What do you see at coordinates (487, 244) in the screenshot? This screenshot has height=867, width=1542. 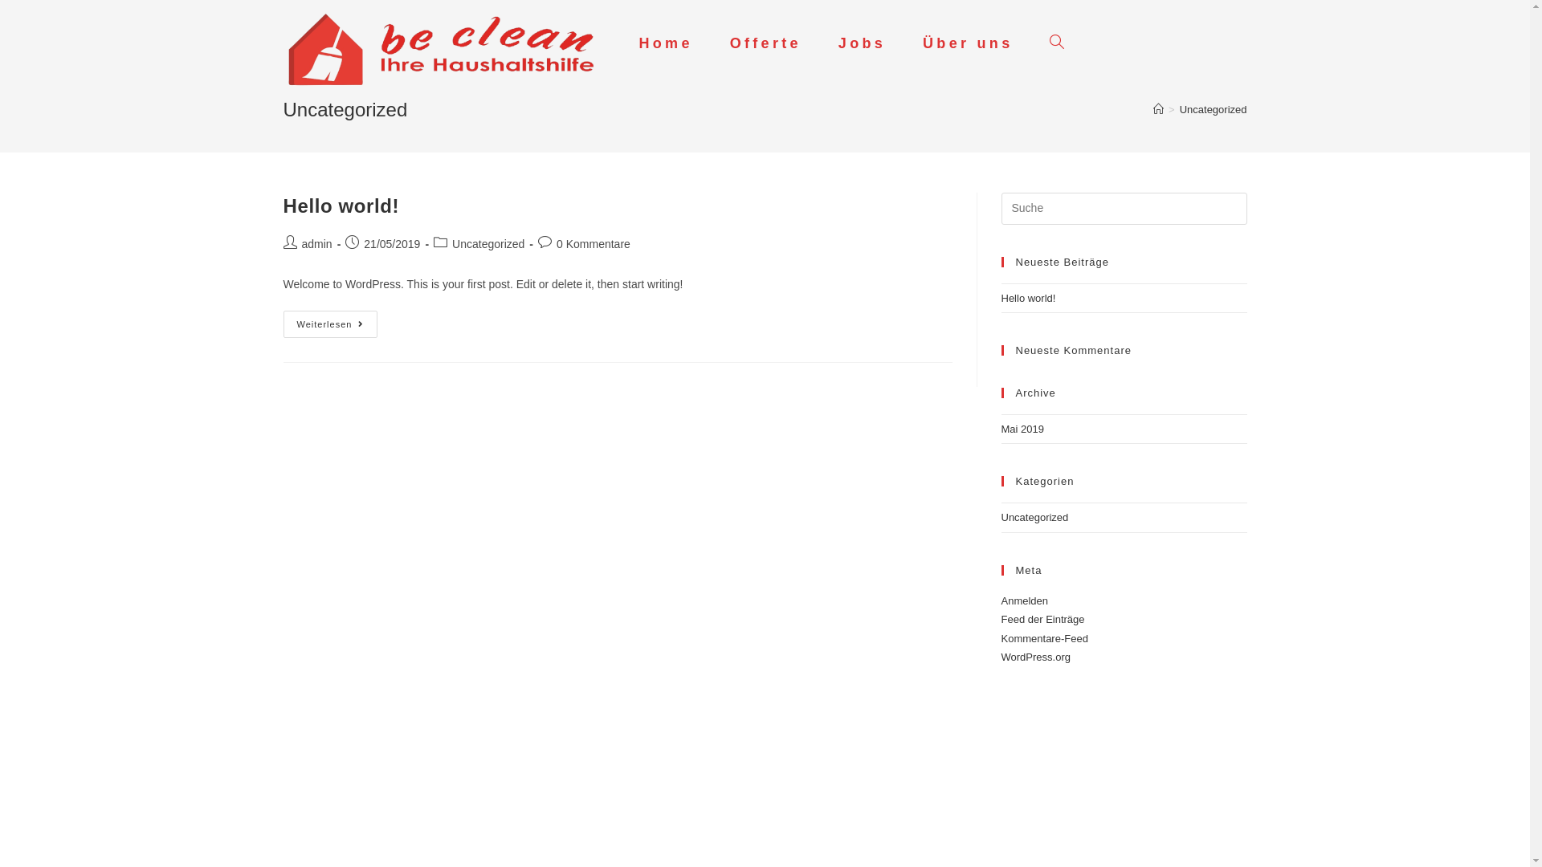 I see `'Uncategorized'` at bounding box center [487, 244].